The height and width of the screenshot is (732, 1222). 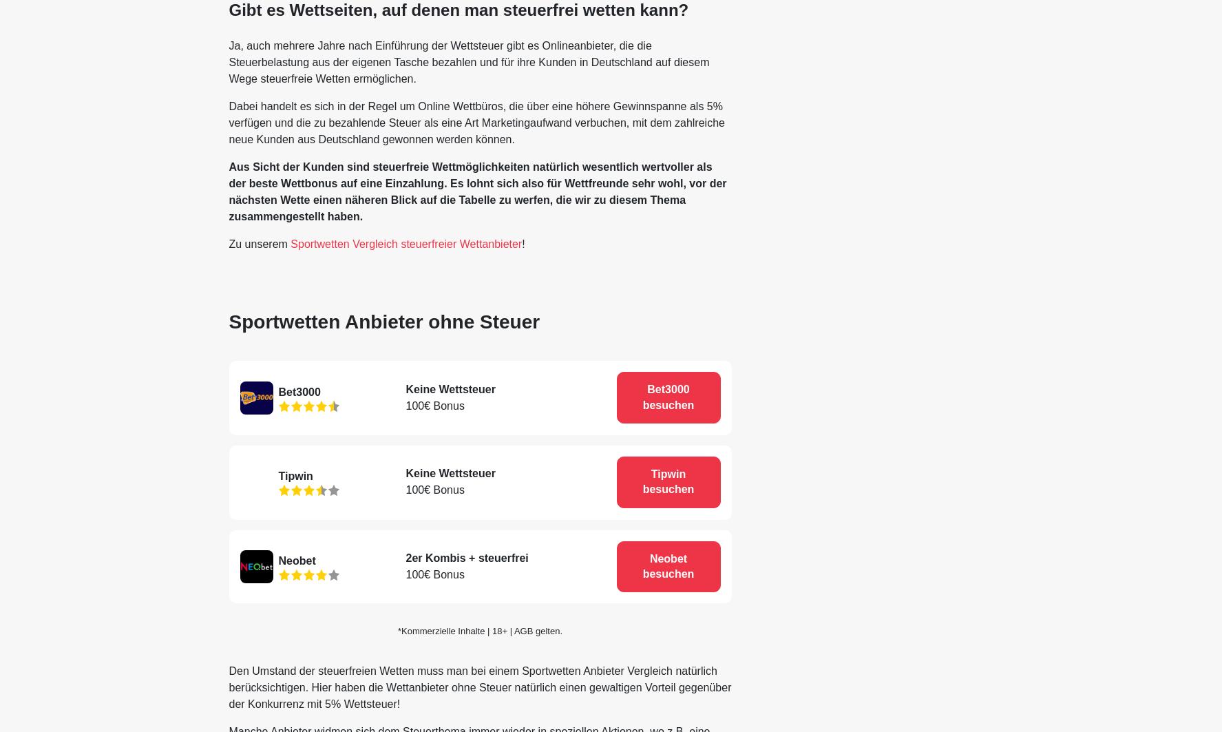 I want to click on 'Den Umstand der steuerfreien Wetten muss man bei einem Sportwetten Anbieter Vergleich natürlich berücksichtigen. Hier haben die Wettanbieter ohne Steuer natürlich einen gewaltigen Vorteil gegenüber der Konkurrenz mit 5% Wettsteuer!', so click(x=479, y=686).